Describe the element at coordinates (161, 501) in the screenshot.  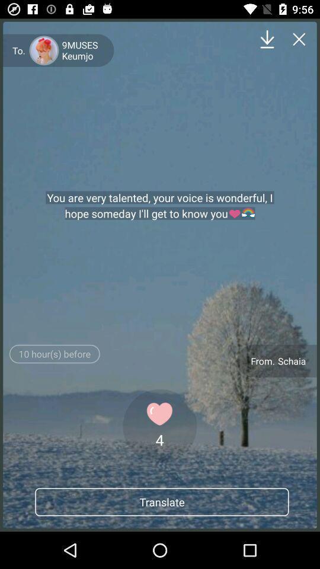
I see `translate icon` at that location.